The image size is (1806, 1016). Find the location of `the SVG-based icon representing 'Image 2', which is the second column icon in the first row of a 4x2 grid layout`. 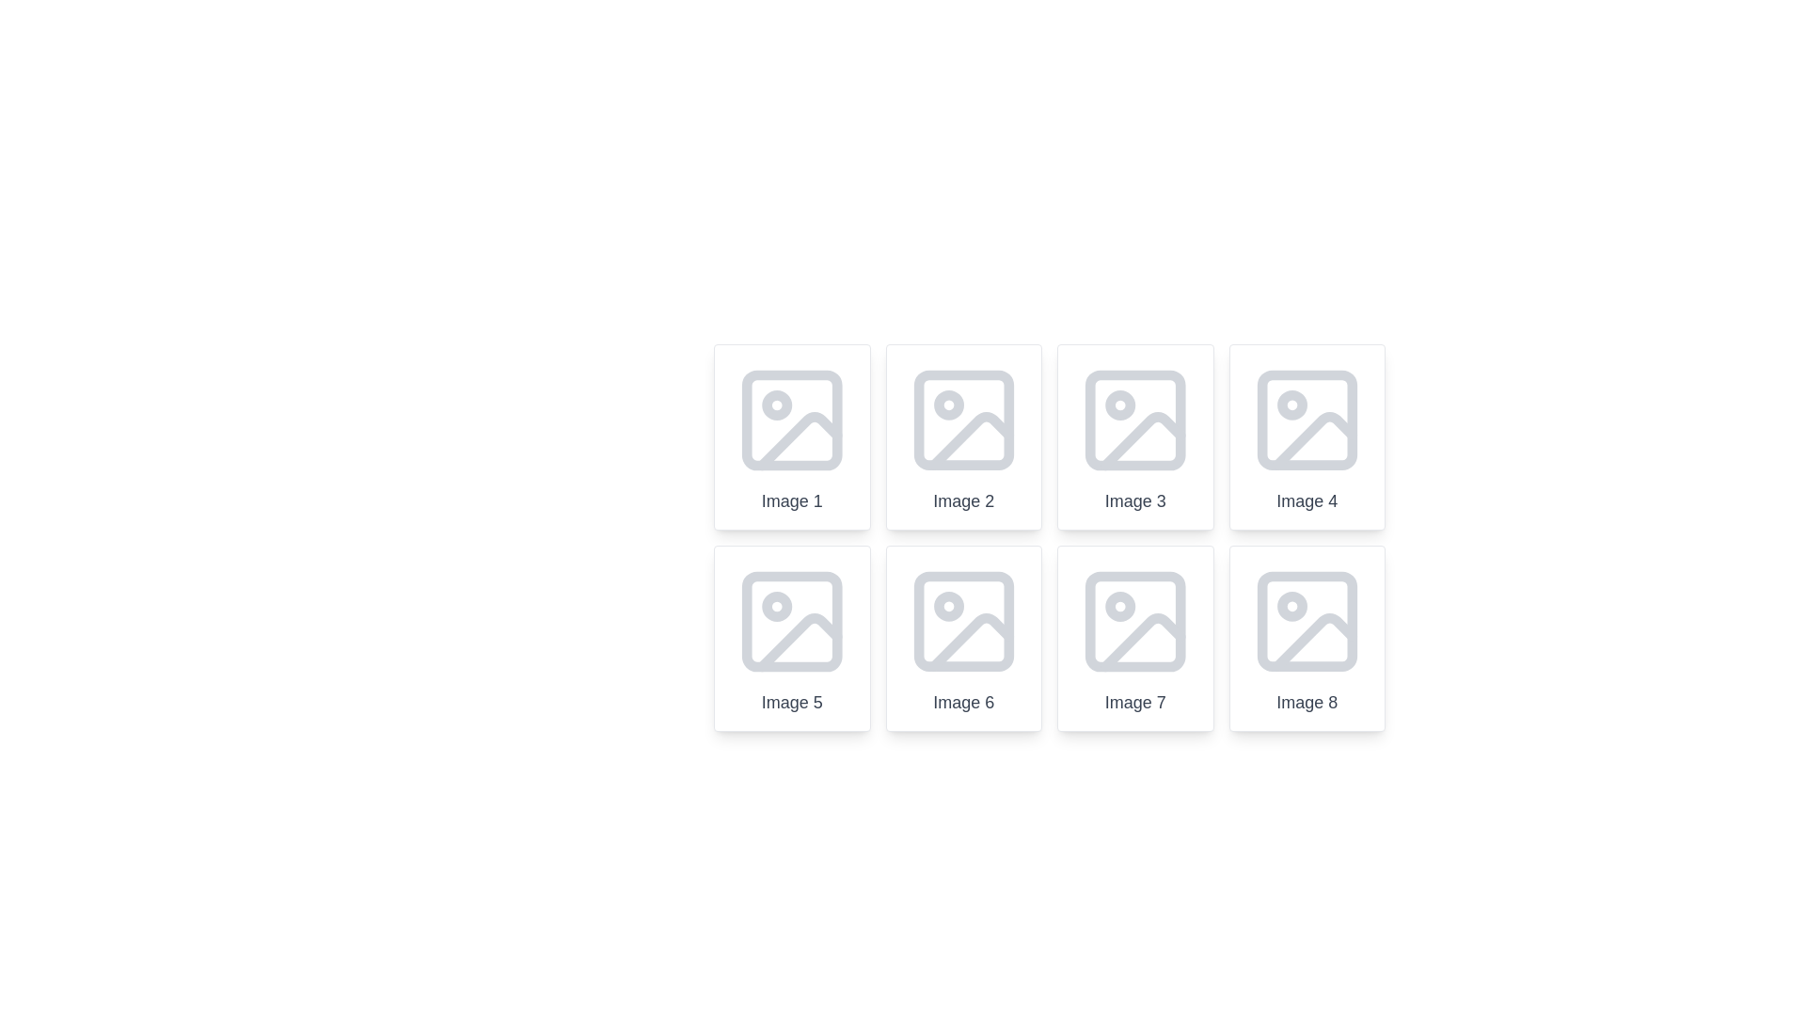

the SVG-based icon representing 'Image 2', which is the second column icon in the first row of a 4x2 grid layout is located at coordinates (963, 420).